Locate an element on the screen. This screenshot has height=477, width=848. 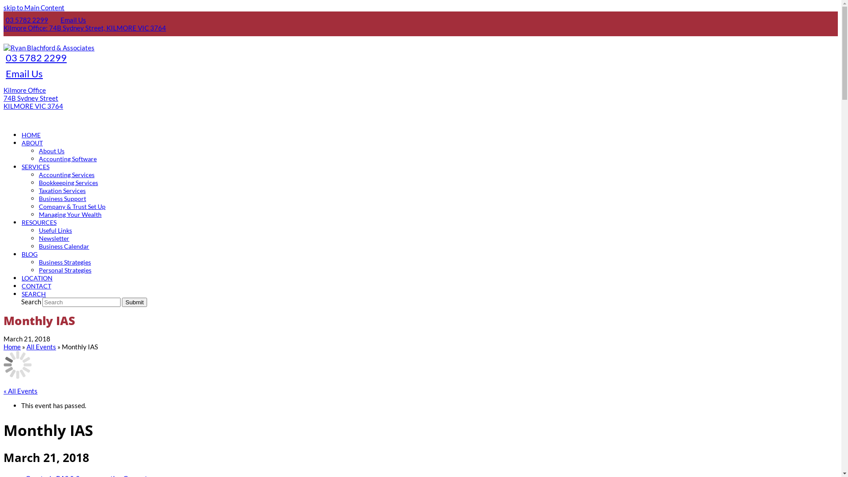
'Useful Links' is located at coordinates (55, 229).